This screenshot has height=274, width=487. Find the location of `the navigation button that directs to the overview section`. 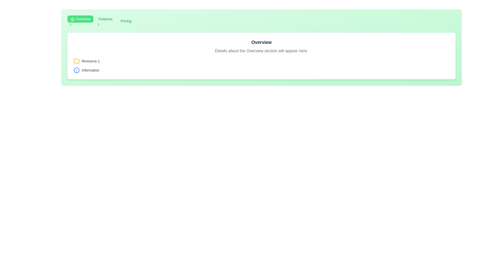

the navigation button that directs to the overview section is located at coordinates (80, 21).